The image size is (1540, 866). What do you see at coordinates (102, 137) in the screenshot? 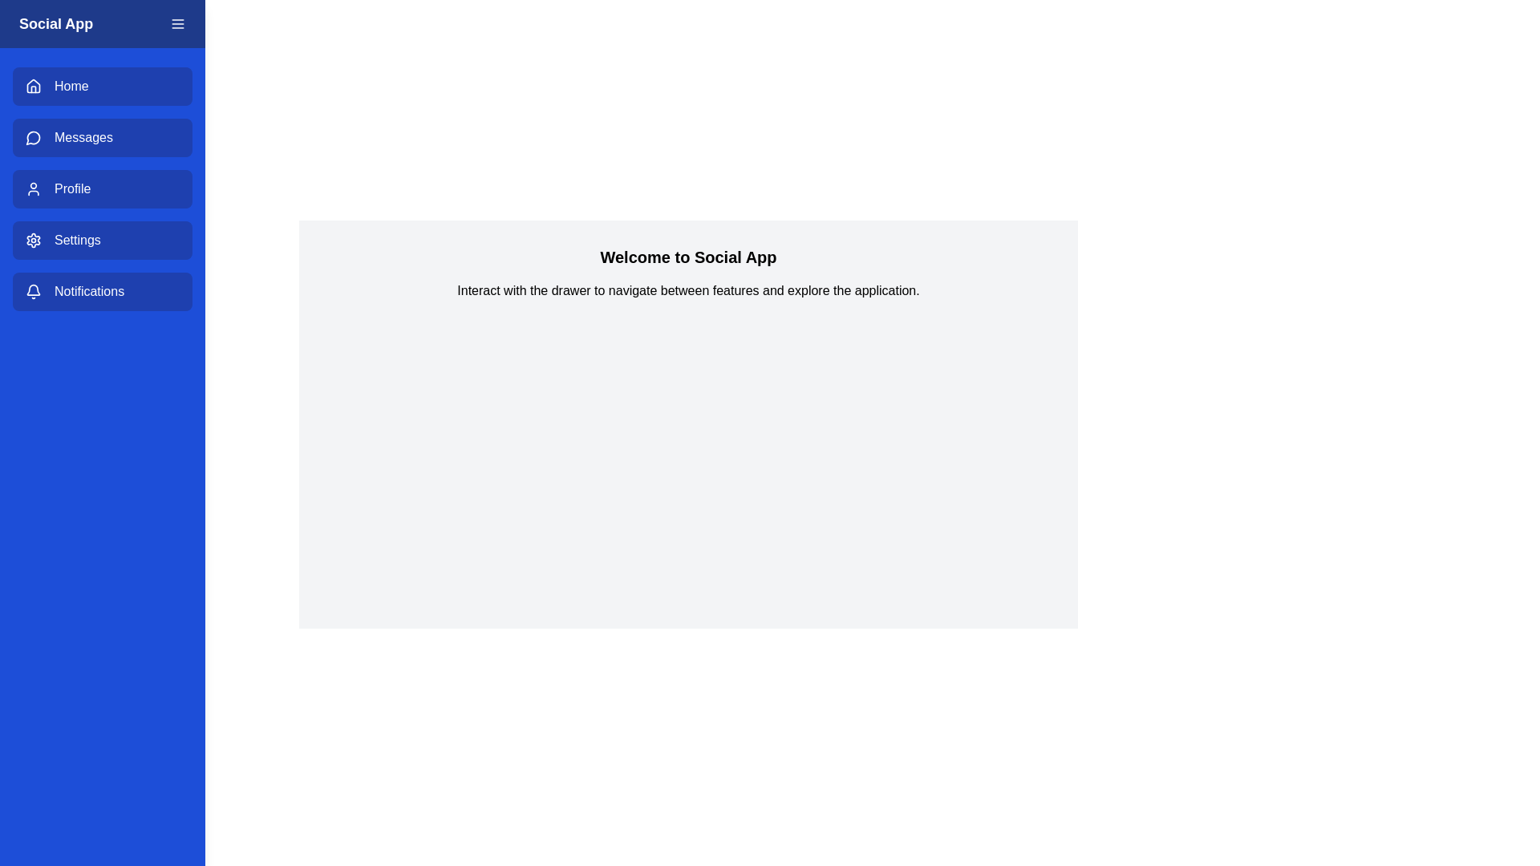
I see `the menu item Messages to navigate to the respective section` at bounding box center [102, 137].